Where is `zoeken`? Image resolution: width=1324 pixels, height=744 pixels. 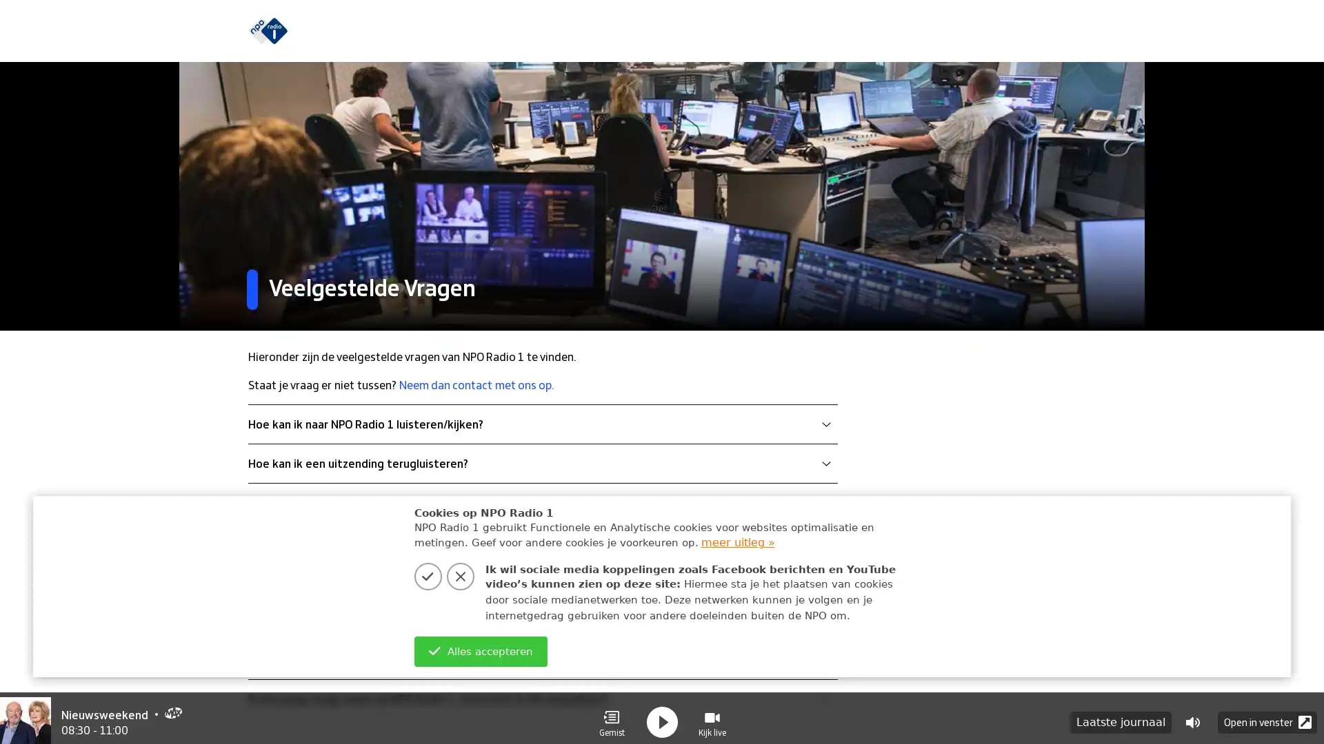
zoeken is located at coordinates (1061, 30).